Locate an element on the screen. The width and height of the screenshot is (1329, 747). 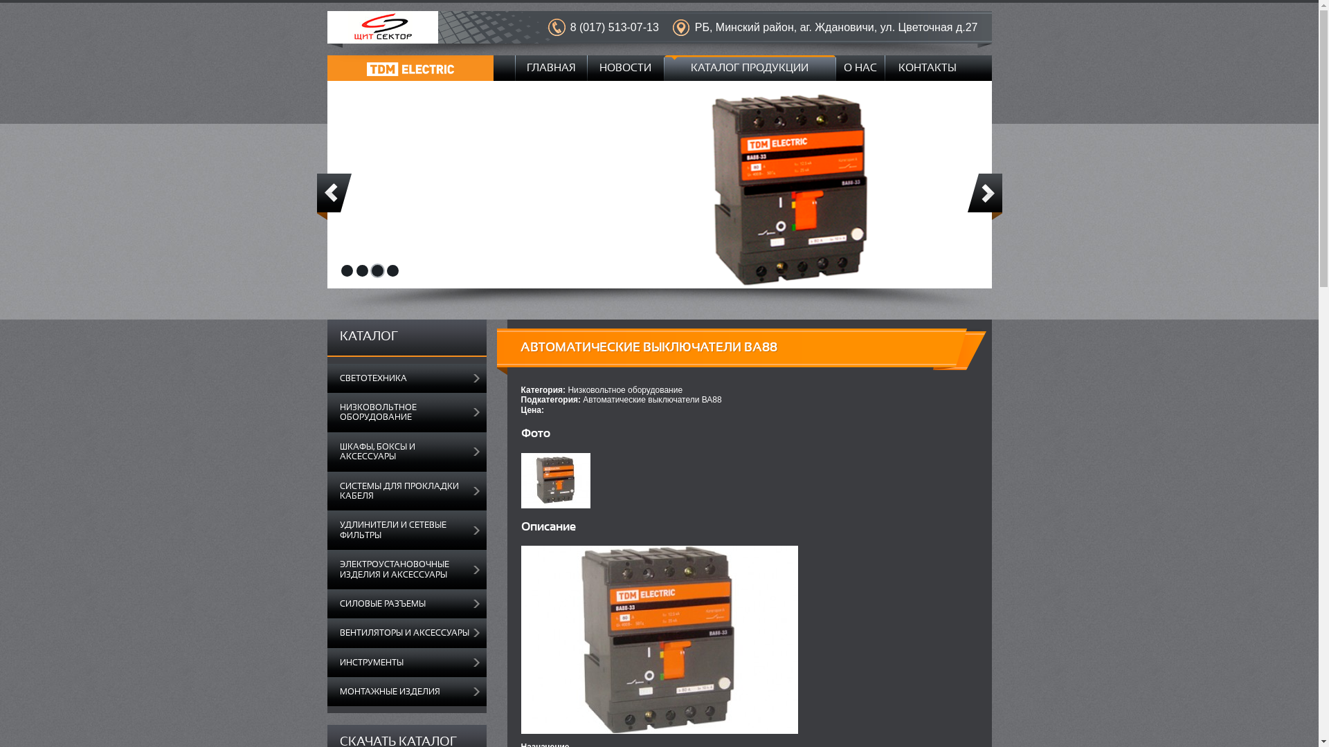
'1' is located at coordinates (346, 270).